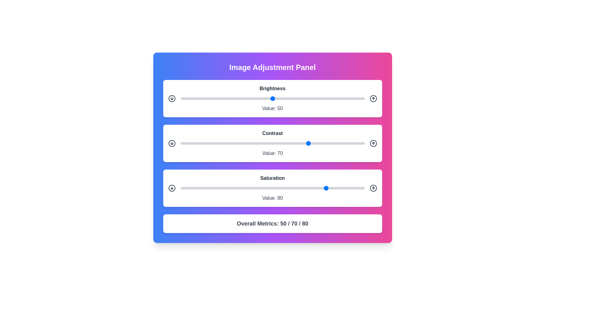 This screenshot has width=597, height=336. Describe the element at coordinates (263, 98) in the screenshot. I see `brightness` at that location.